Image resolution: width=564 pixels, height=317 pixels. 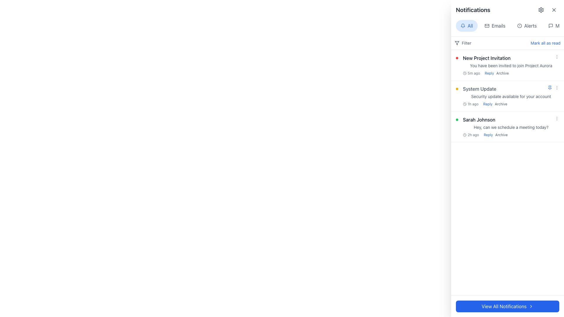 I want to click on the interactive 'Filter' button, which consists of a filter icon followed by the word 'Filter' in gray text, located on the left side of the header-like bar within the notifications pane, so click(x=463, y=43).